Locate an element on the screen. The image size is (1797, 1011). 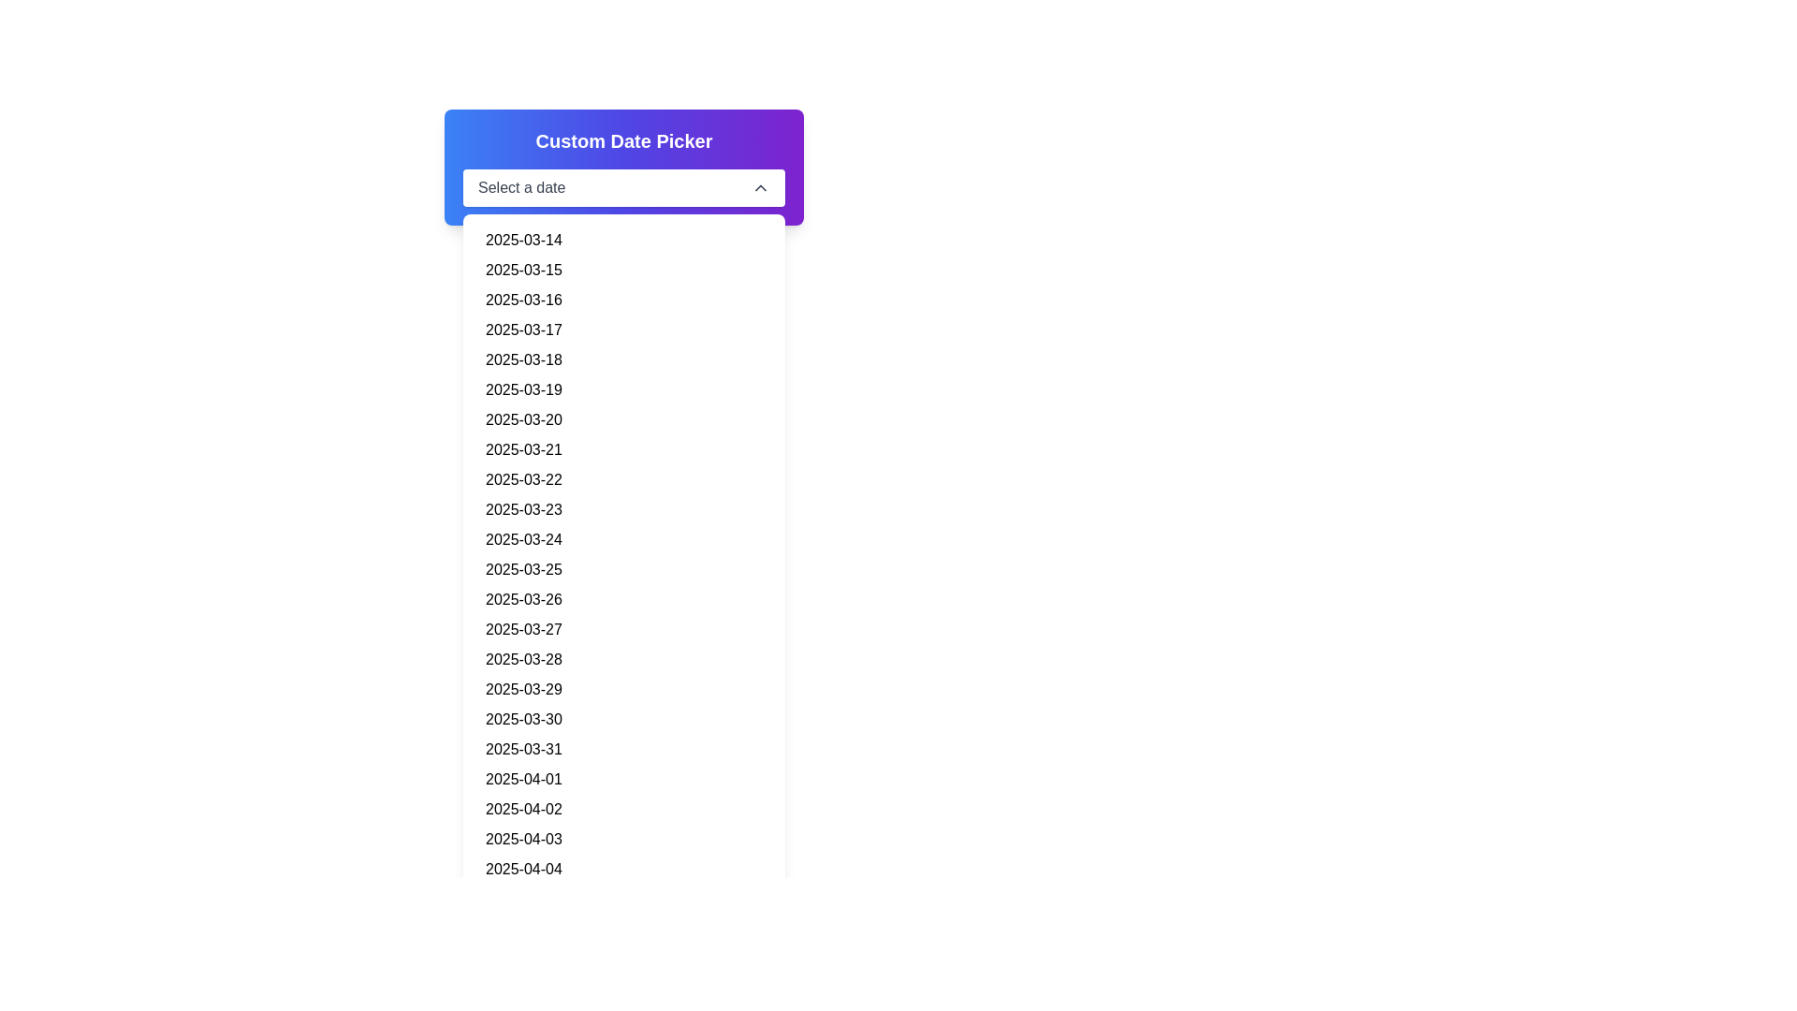
the dropdown toggle icon located at the far-right end of the 'Select a date' field in the date picker component is located at coordinates (760, 187).